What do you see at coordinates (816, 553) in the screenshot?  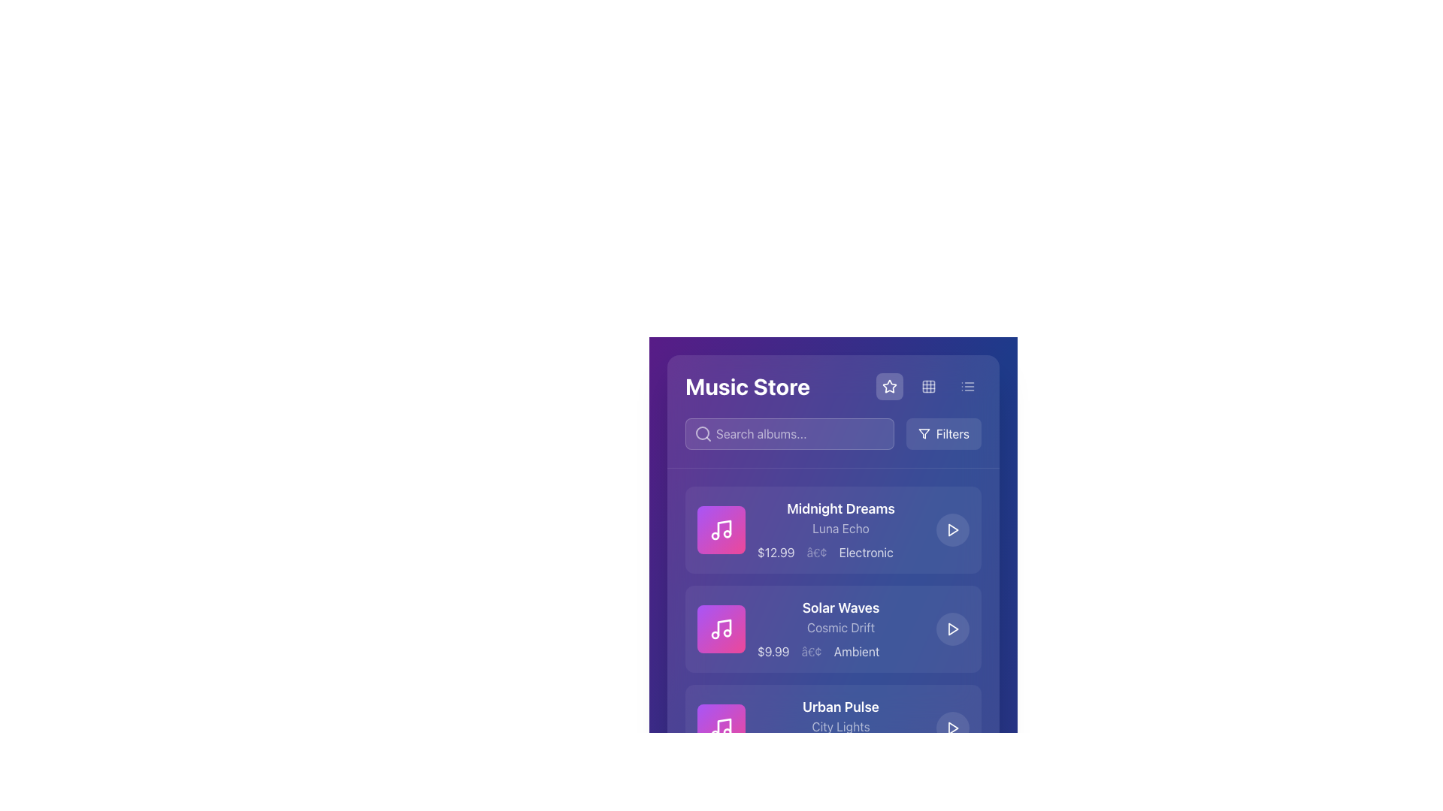 I see `the textual delimiter that visually separates the price '$12.99' and the genre 'Electronic' in the album information for 'Midnight Dreams'` at bounding box center [816, 553].